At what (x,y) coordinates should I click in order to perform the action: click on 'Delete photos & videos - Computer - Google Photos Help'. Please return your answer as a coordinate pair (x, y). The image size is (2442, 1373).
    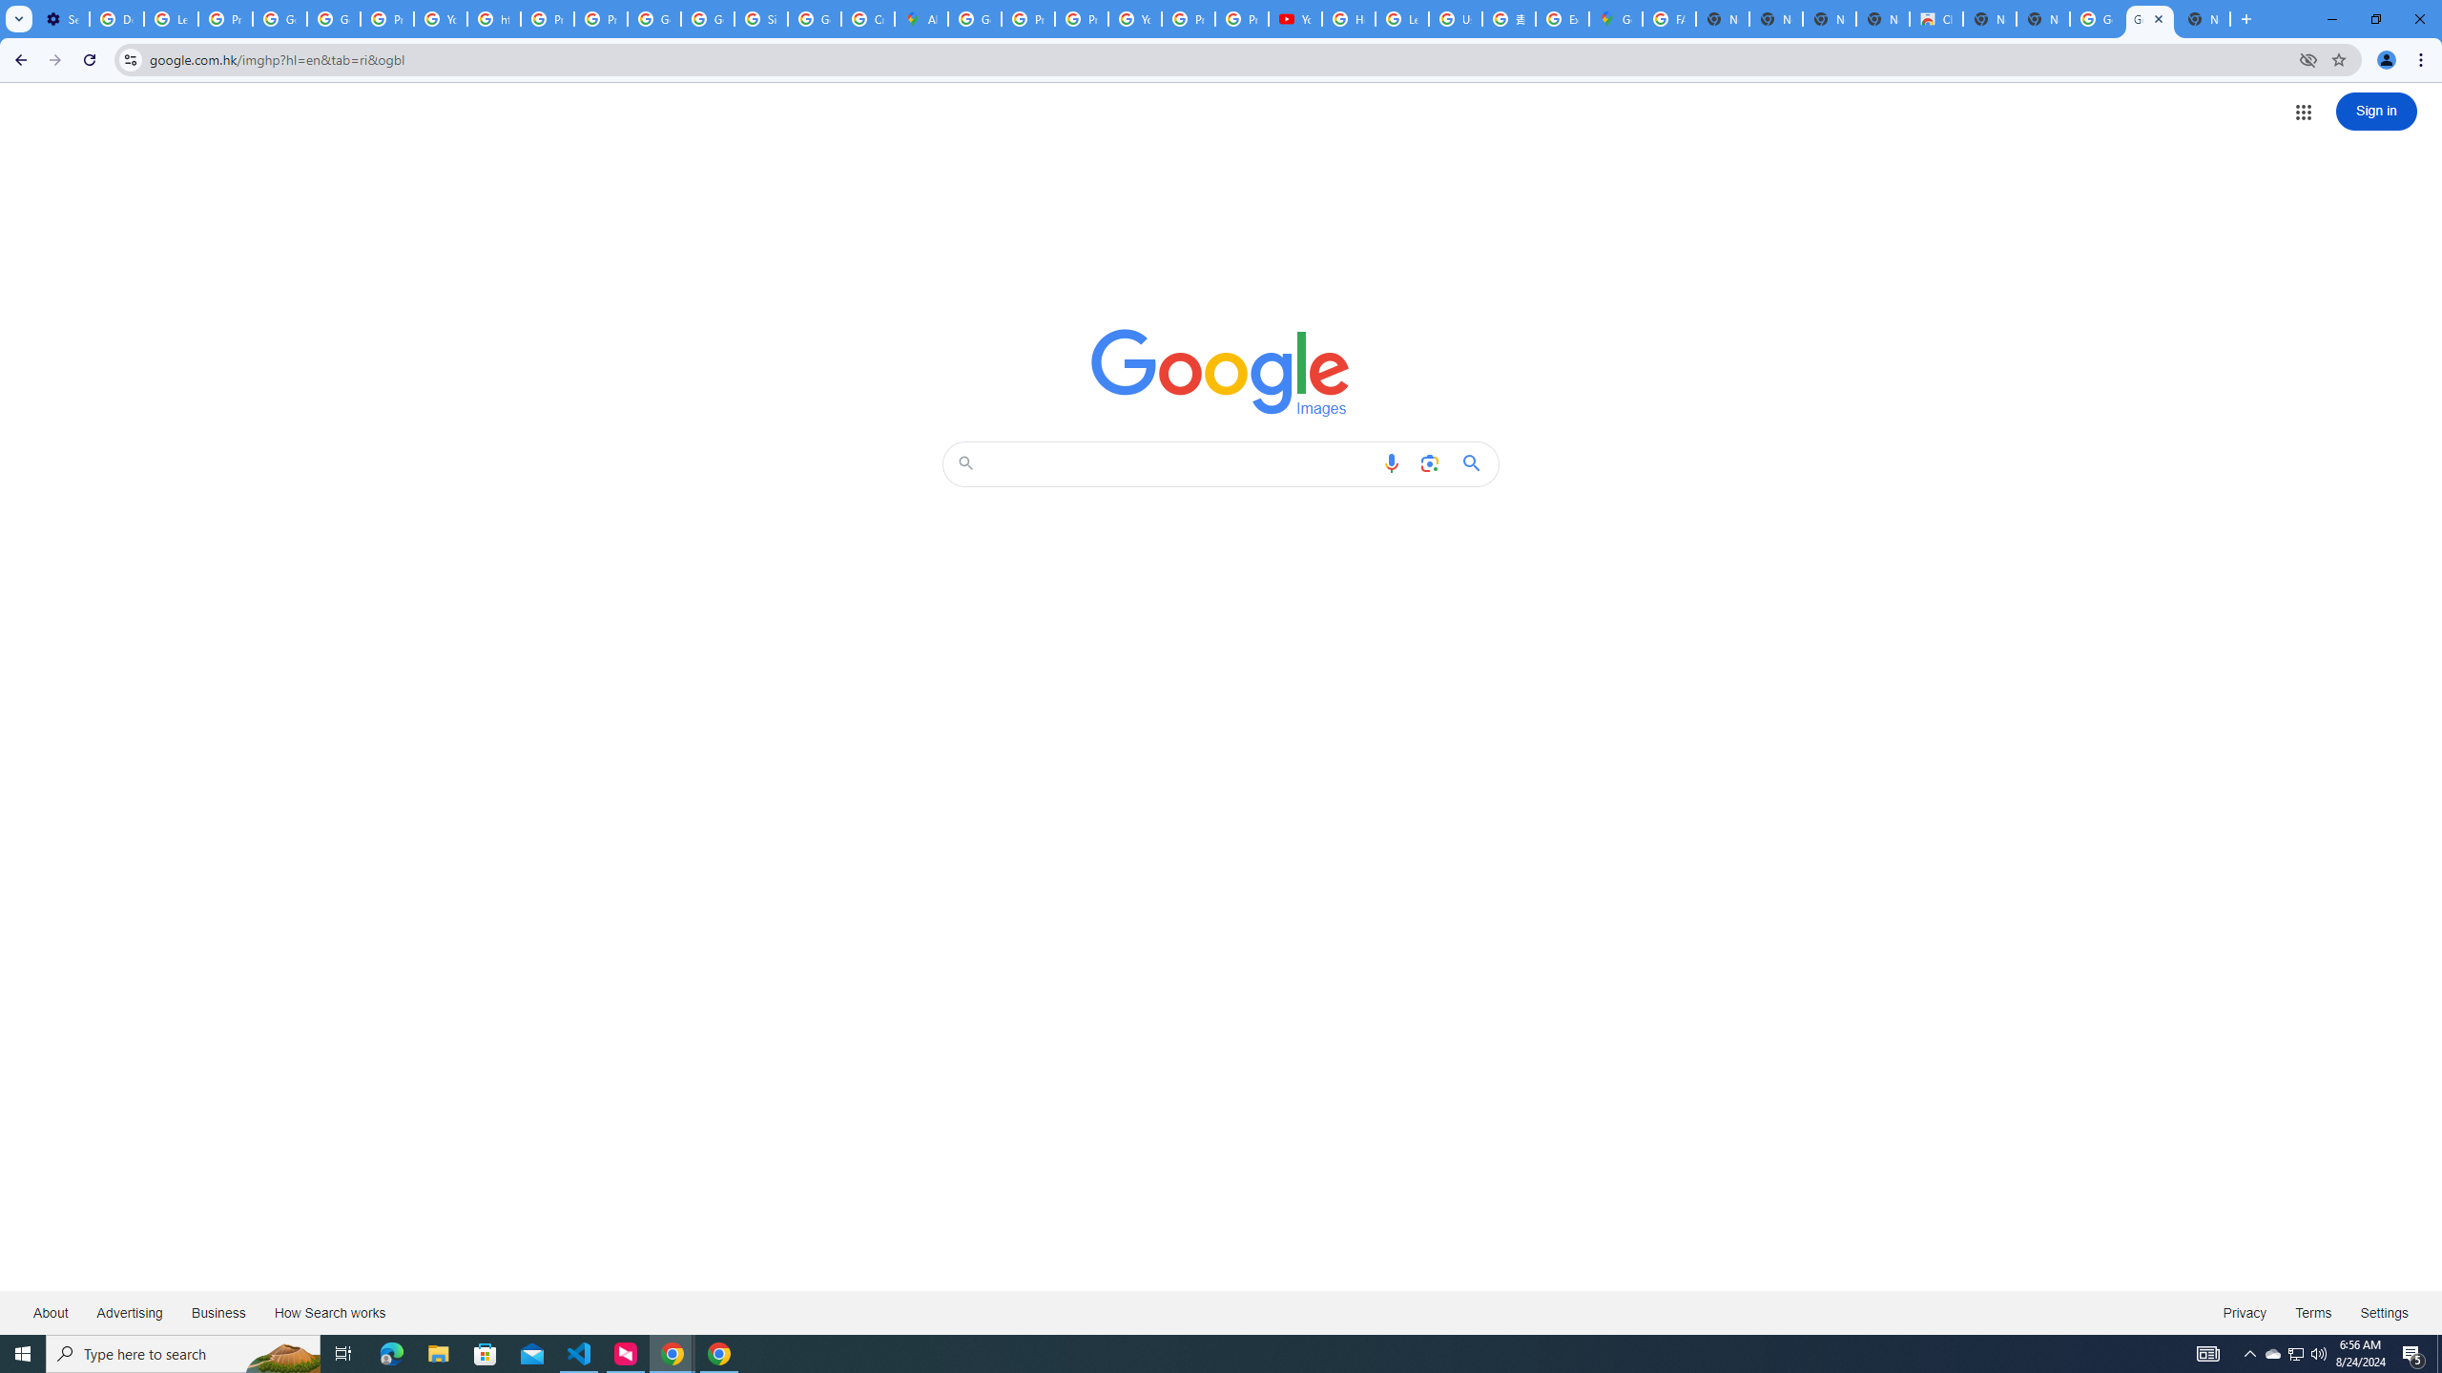
    Looking at the image, I should click on (115, 18).